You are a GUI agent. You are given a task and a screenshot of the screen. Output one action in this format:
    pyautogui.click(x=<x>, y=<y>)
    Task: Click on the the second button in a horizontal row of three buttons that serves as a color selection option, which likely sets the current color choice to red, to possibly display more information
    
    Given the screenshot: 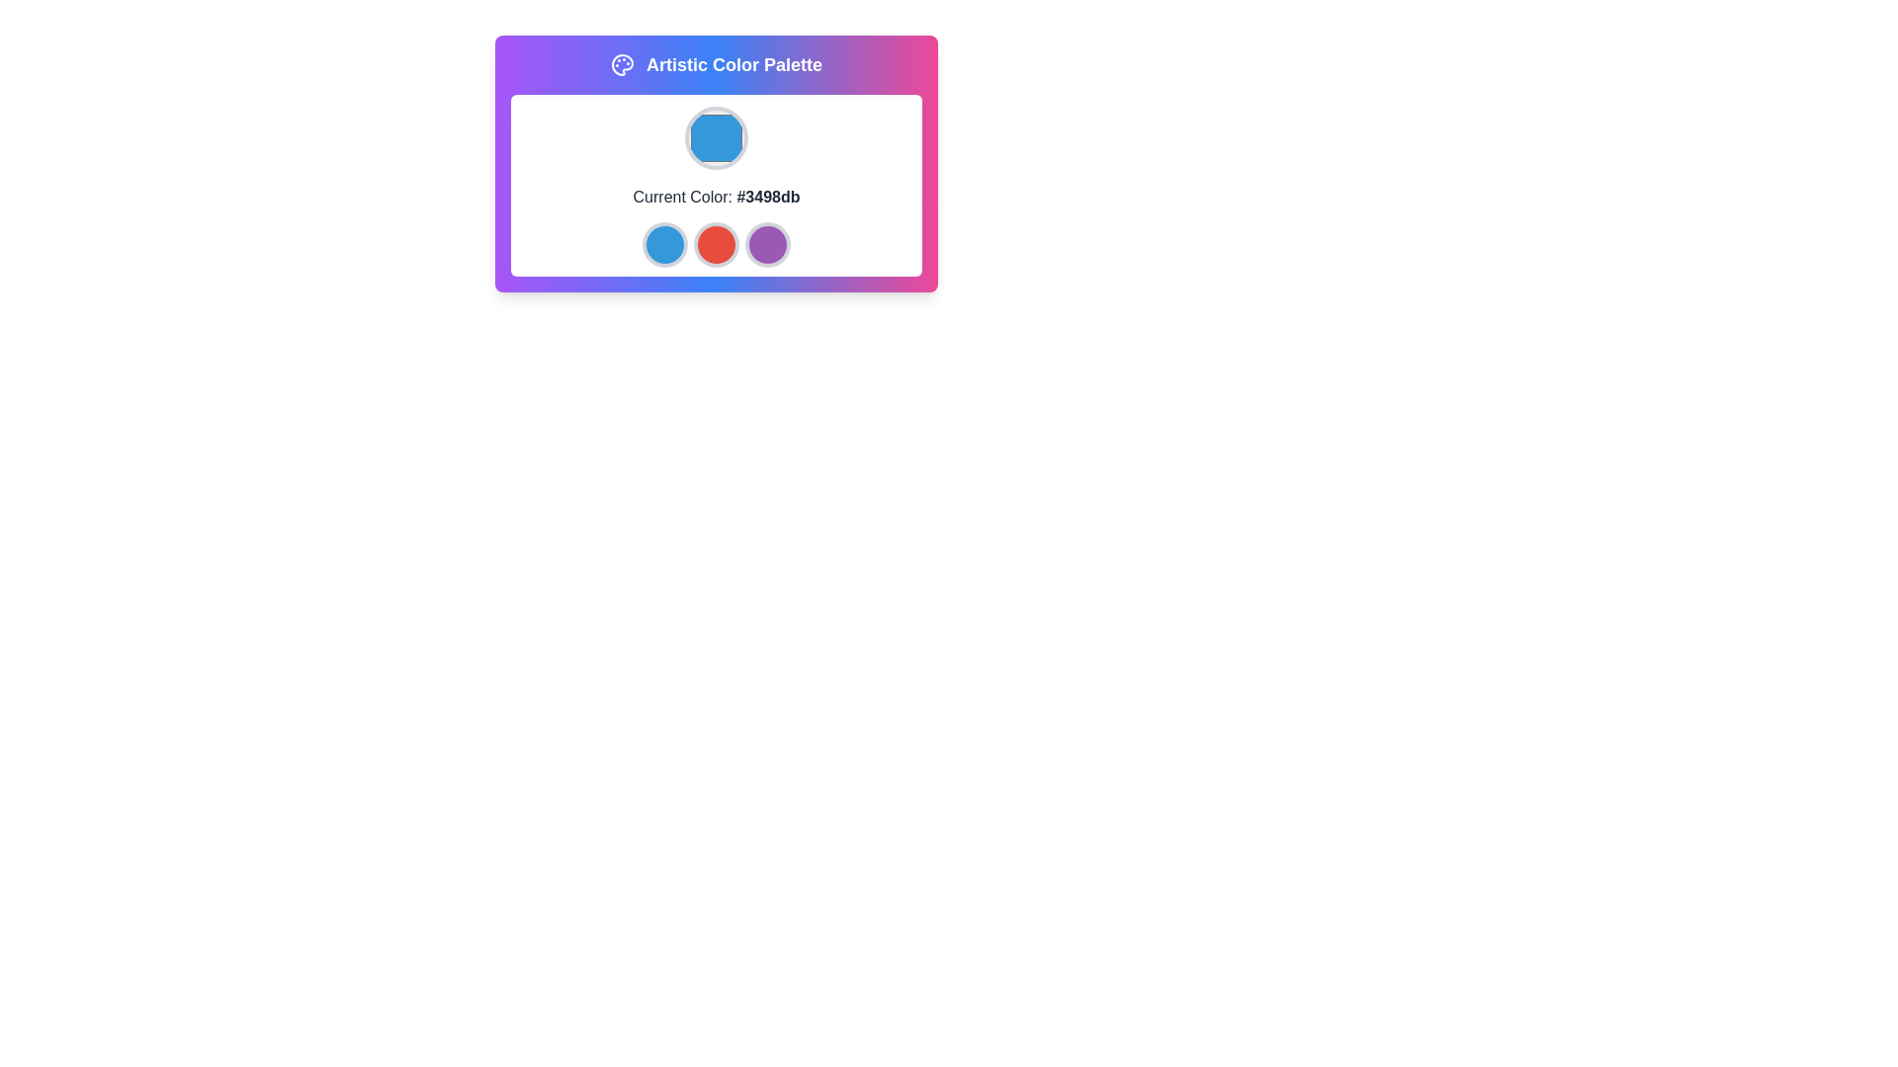 What is the action you would take?
    pyautogui.click(x=715, y=243)
    